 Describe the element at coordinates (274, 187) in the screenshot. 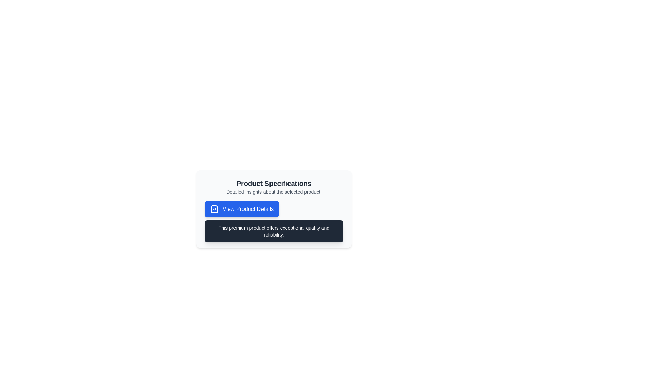

I see `the header text block that provides a title and summary for the section, located above the blue 'View Product Details' button` at that location.